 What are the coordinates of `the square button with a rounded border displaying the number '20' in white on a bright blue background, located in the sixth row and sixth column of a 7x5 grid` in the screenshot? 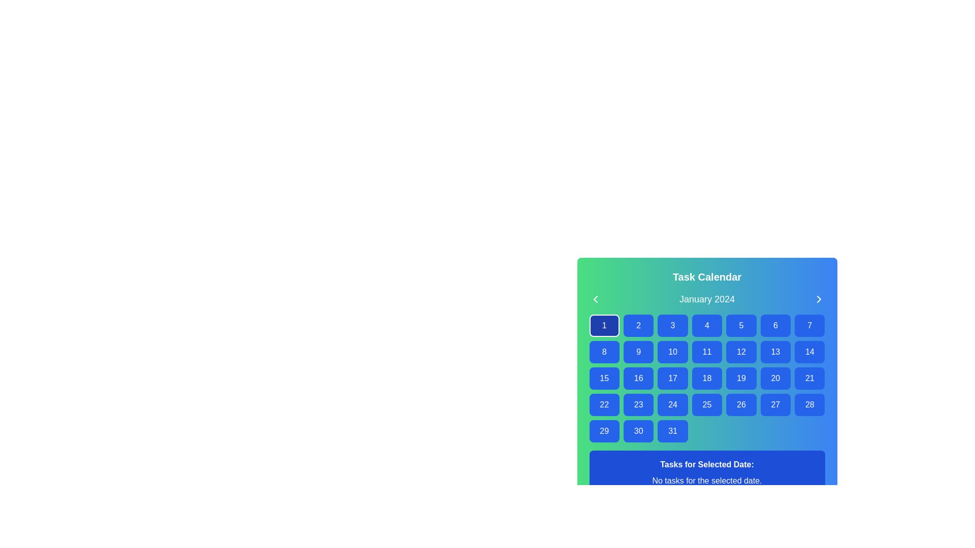 It's located at (775, 378).